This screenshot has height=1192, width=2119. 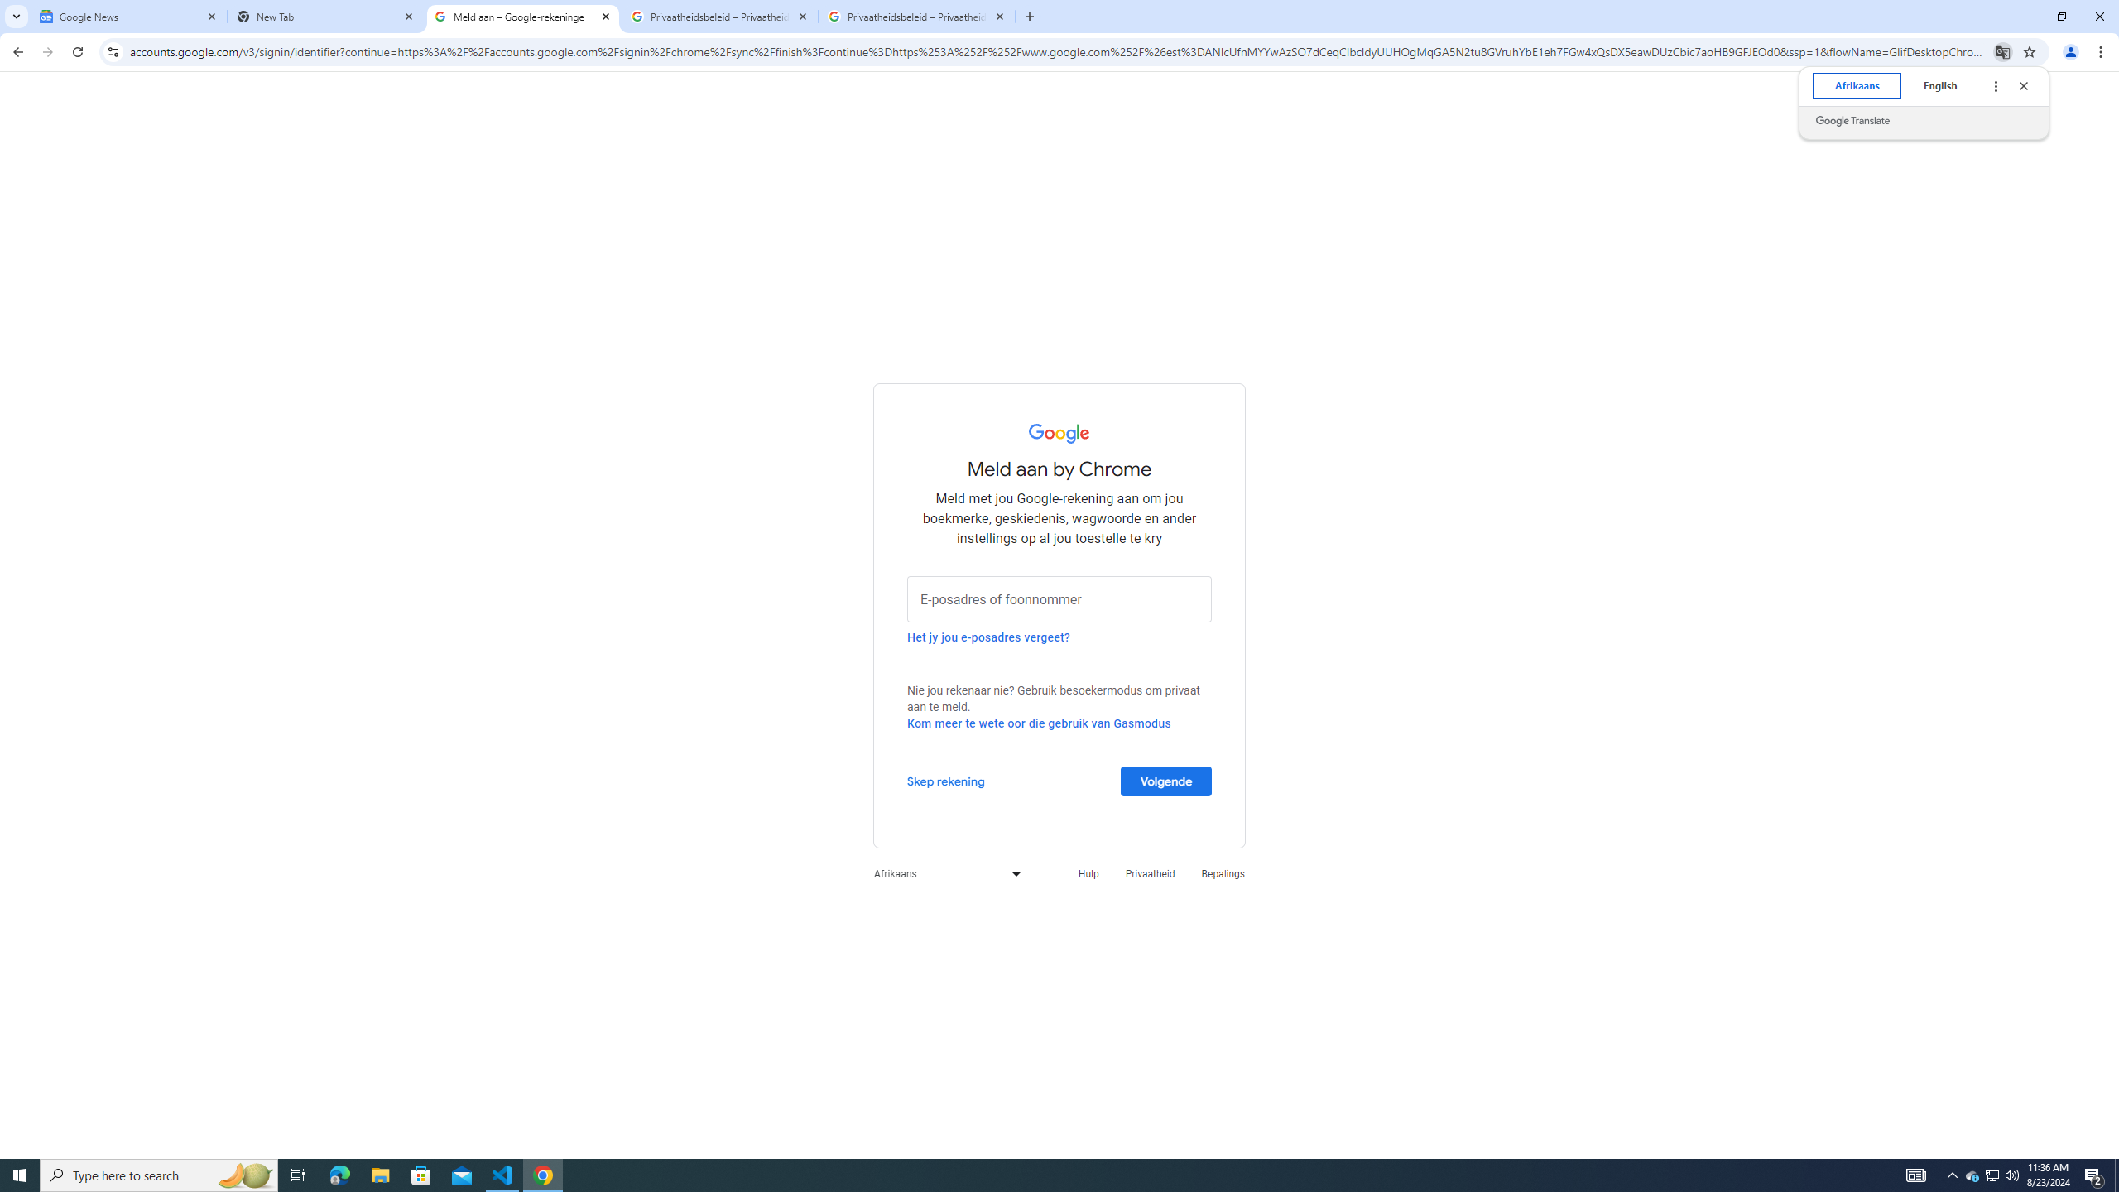 What do you see at coordinates (158, 1174) in the screenshot?
I see `'Type here to search'` at bounding box center [158, 1174].